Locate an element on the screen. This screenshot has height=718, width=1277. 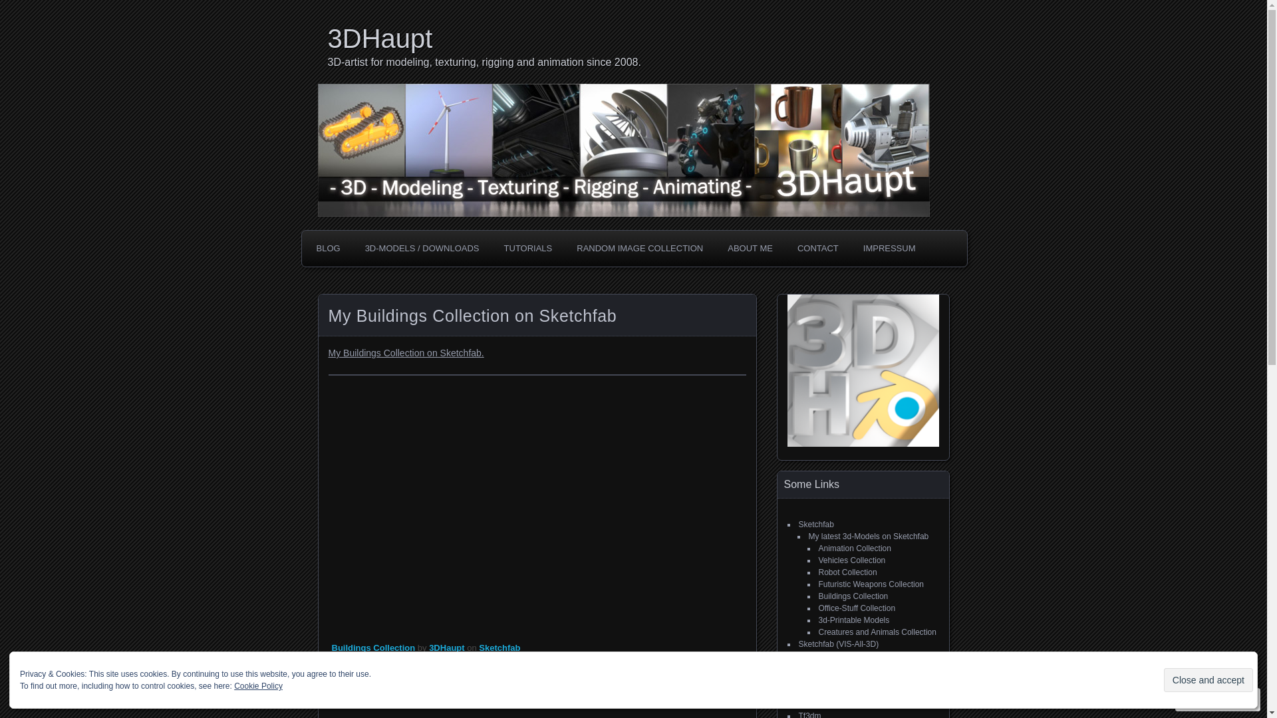
'Buildings Collection' is located at coordinates (853, 596).